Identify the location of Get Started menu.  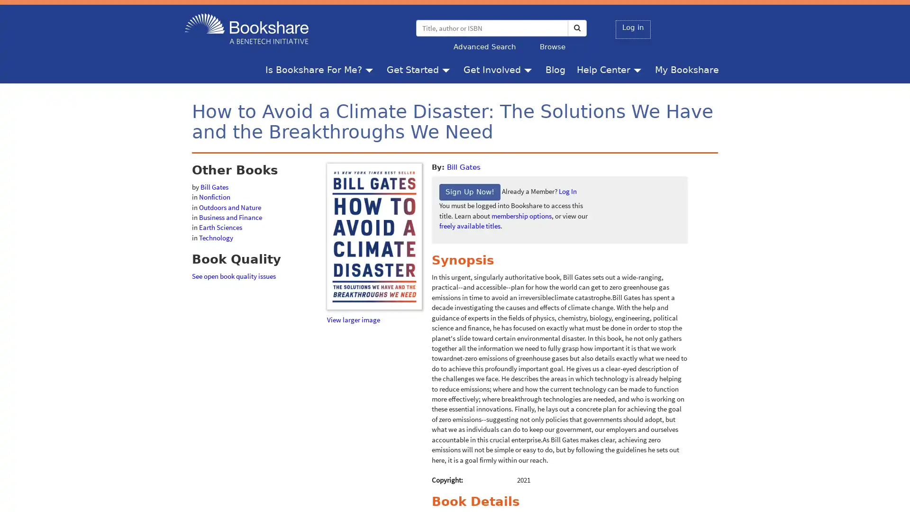
(447, 69).